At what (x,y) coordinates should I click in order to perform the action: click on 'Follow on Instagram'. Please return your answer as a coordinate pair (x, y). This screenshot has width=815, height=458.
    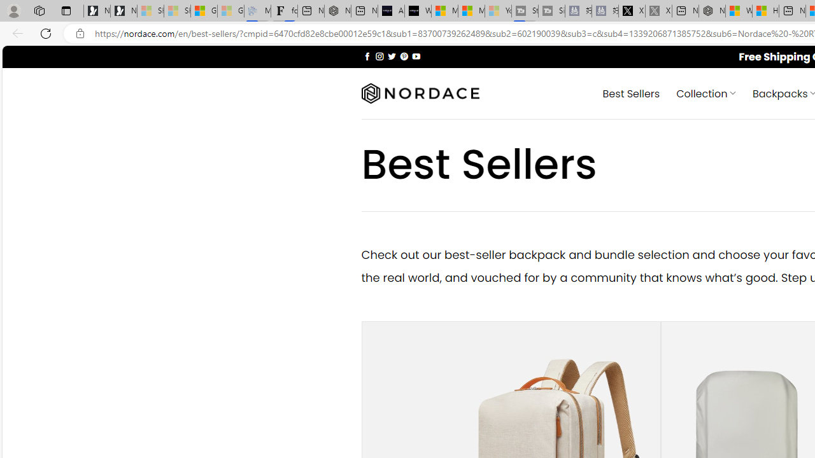
    Looking at the image, I should click on (379, 55).